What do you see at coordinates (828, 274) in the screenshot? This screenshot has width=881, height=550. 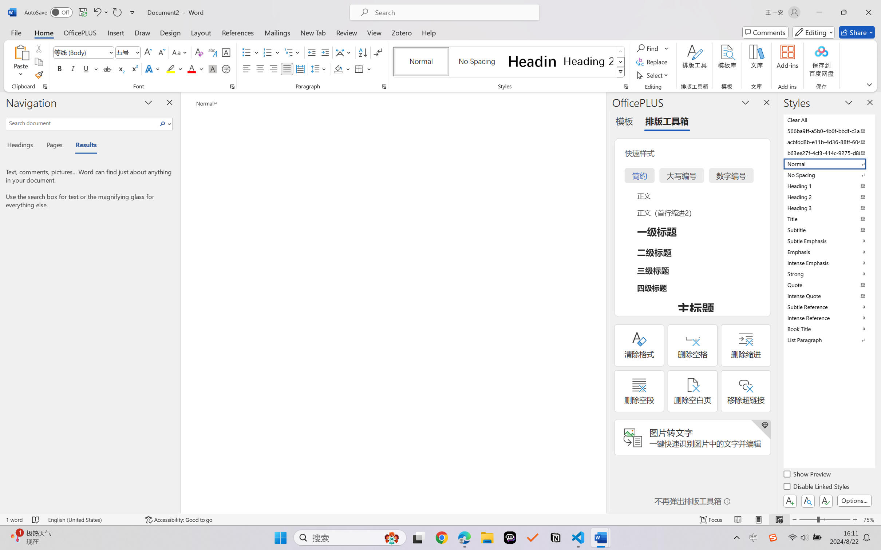 I see `'Strong'` at bounding box center [828, 274].